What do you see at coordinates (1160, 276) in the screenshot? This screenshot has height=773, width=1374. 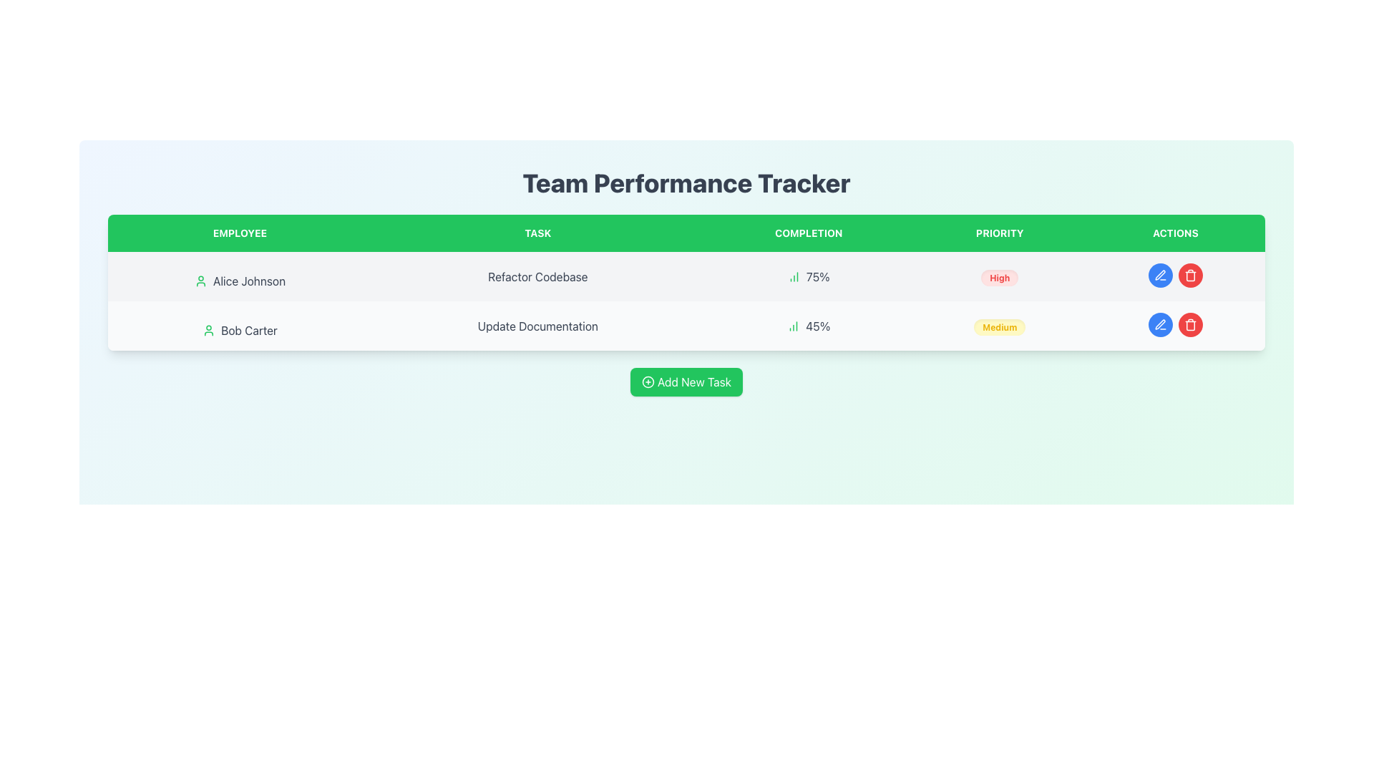 I see `the edit button for the task associated with 'Bob Carter' located in the 'Actions' column of the second row in the table` at bounding box center [1160, 276].